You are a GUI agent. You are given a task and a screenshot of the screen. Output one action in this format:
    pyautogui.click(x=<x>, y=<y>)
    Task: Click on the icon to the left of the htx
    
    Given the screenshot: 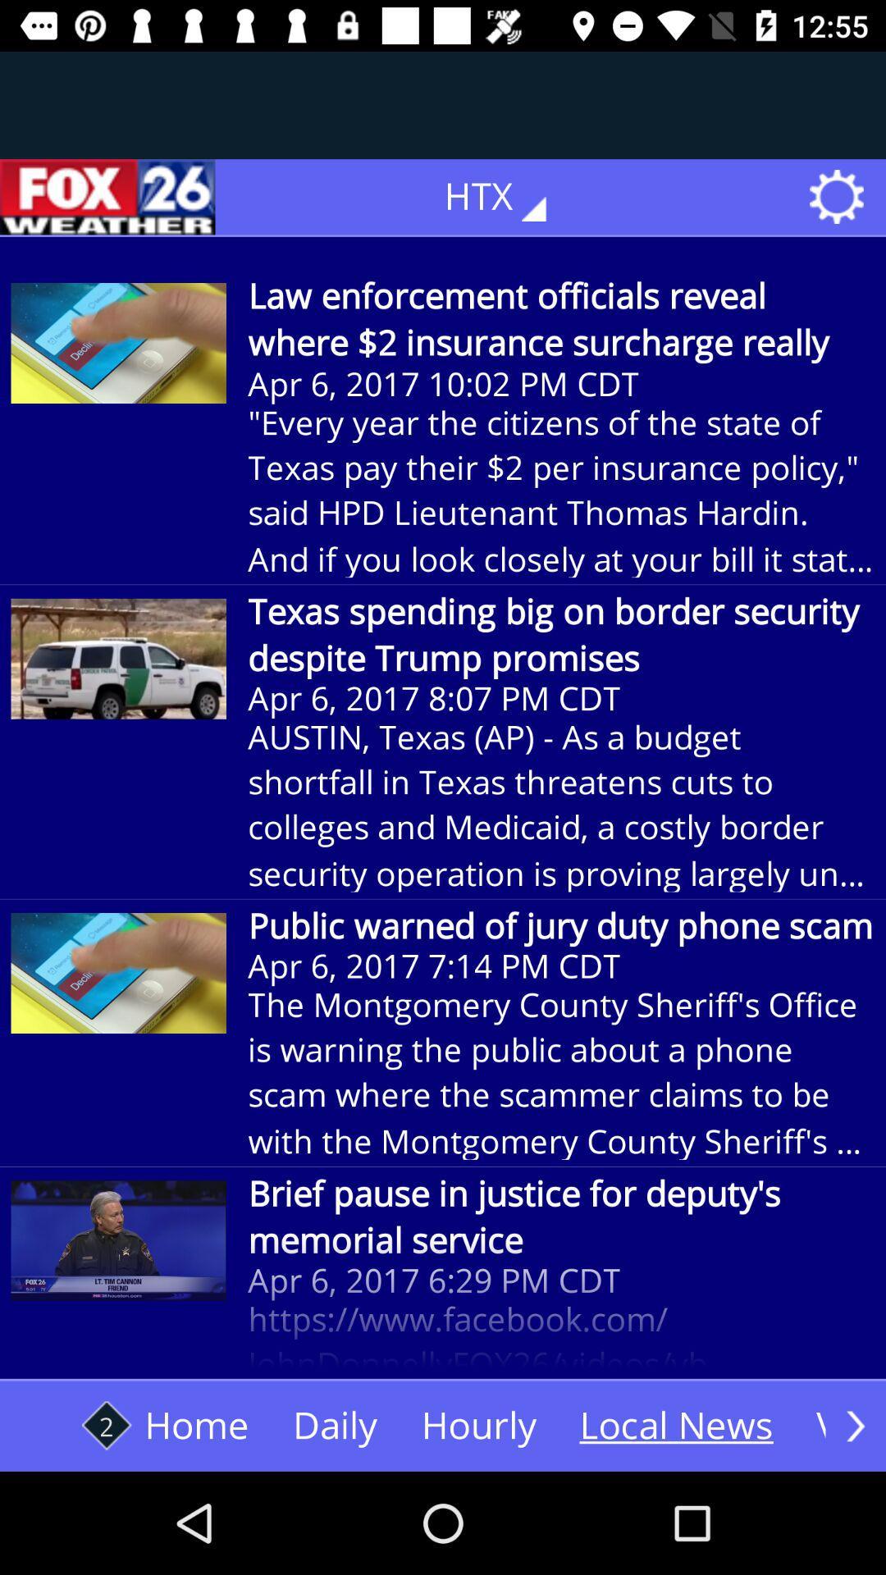 What is the action you would take?
    pyautogui.click(x=107, y=197)
    